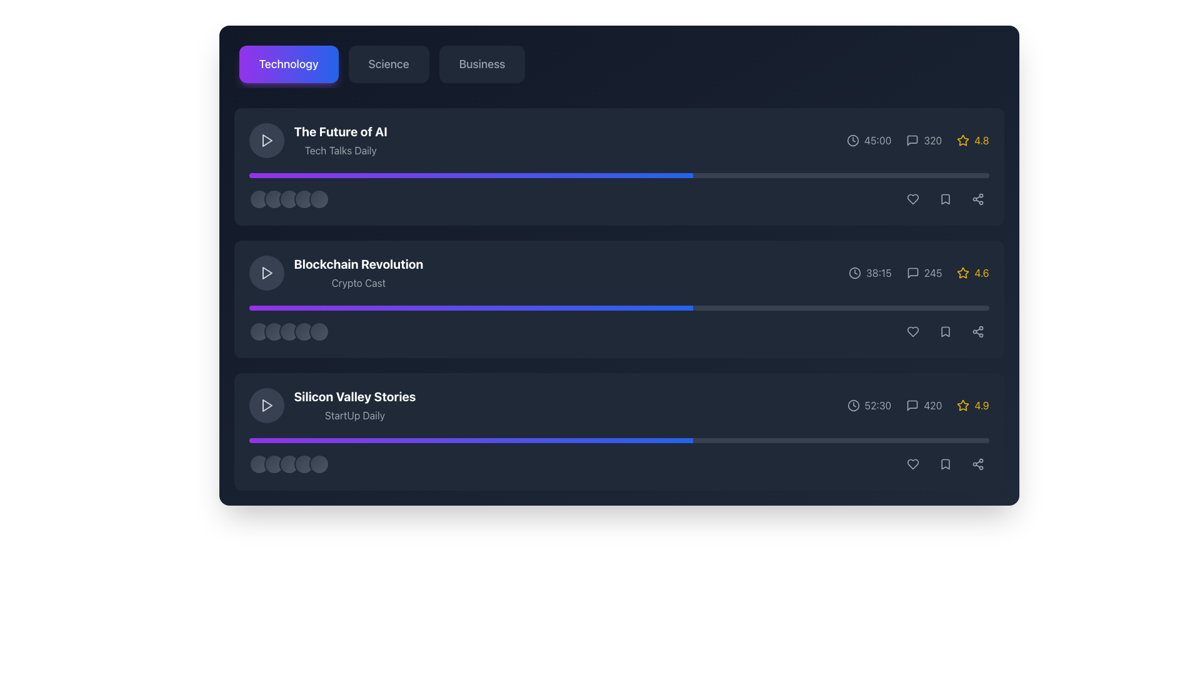 This screenshot has width=1200, height=675. What do you see at coordinates (945, 331) in the screenshot?
I see `the bookmark icon, which is a hollow rectangle with a triangular notch at the bottom, located in the middle group of action icons on the right side of the 'Blockchain Revolution' podcast card` at bounding box center [945, 331].